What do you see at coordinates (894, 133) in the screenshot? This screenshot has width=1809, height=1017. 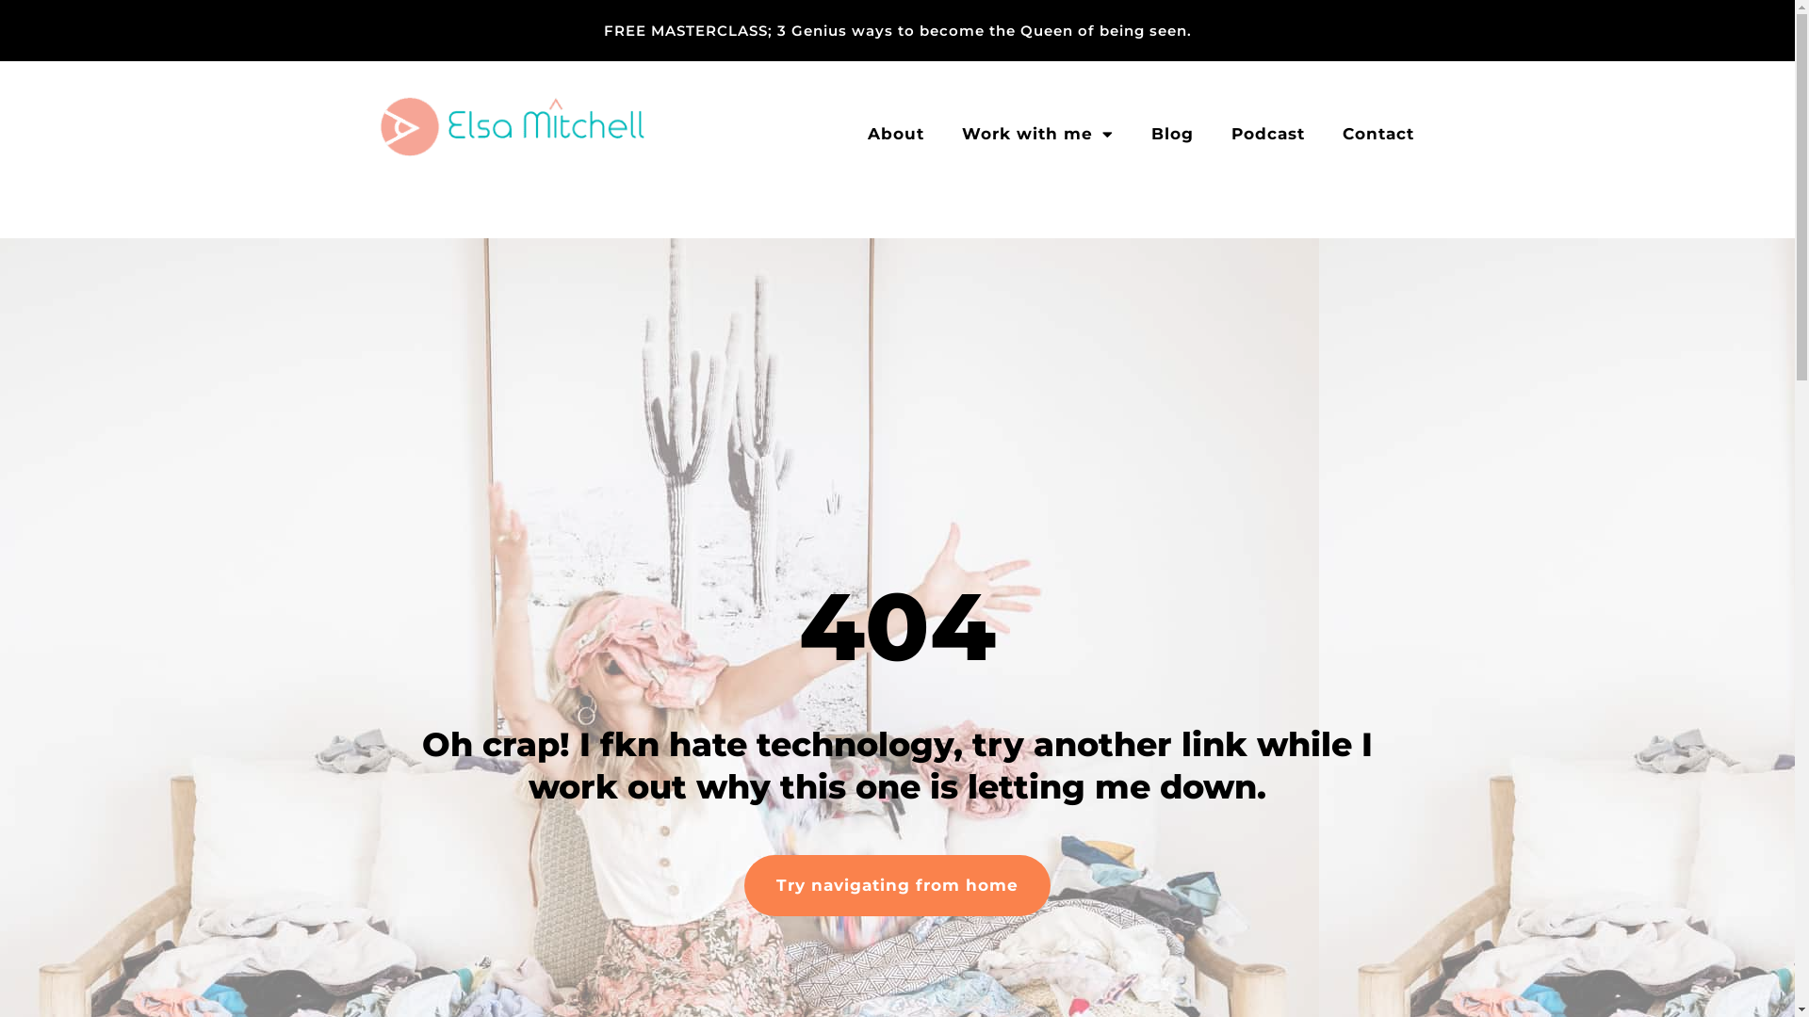 I see `'About'` at bounding box center [894, 133].